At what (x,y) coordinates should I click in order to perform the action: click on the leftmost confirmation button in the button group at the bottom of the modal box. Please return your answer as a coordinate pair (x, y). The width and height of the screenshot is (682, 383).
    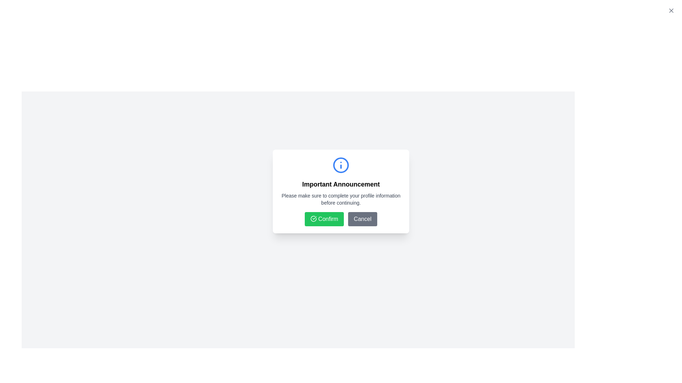
    Looking at the image, I should click on (324, 218).